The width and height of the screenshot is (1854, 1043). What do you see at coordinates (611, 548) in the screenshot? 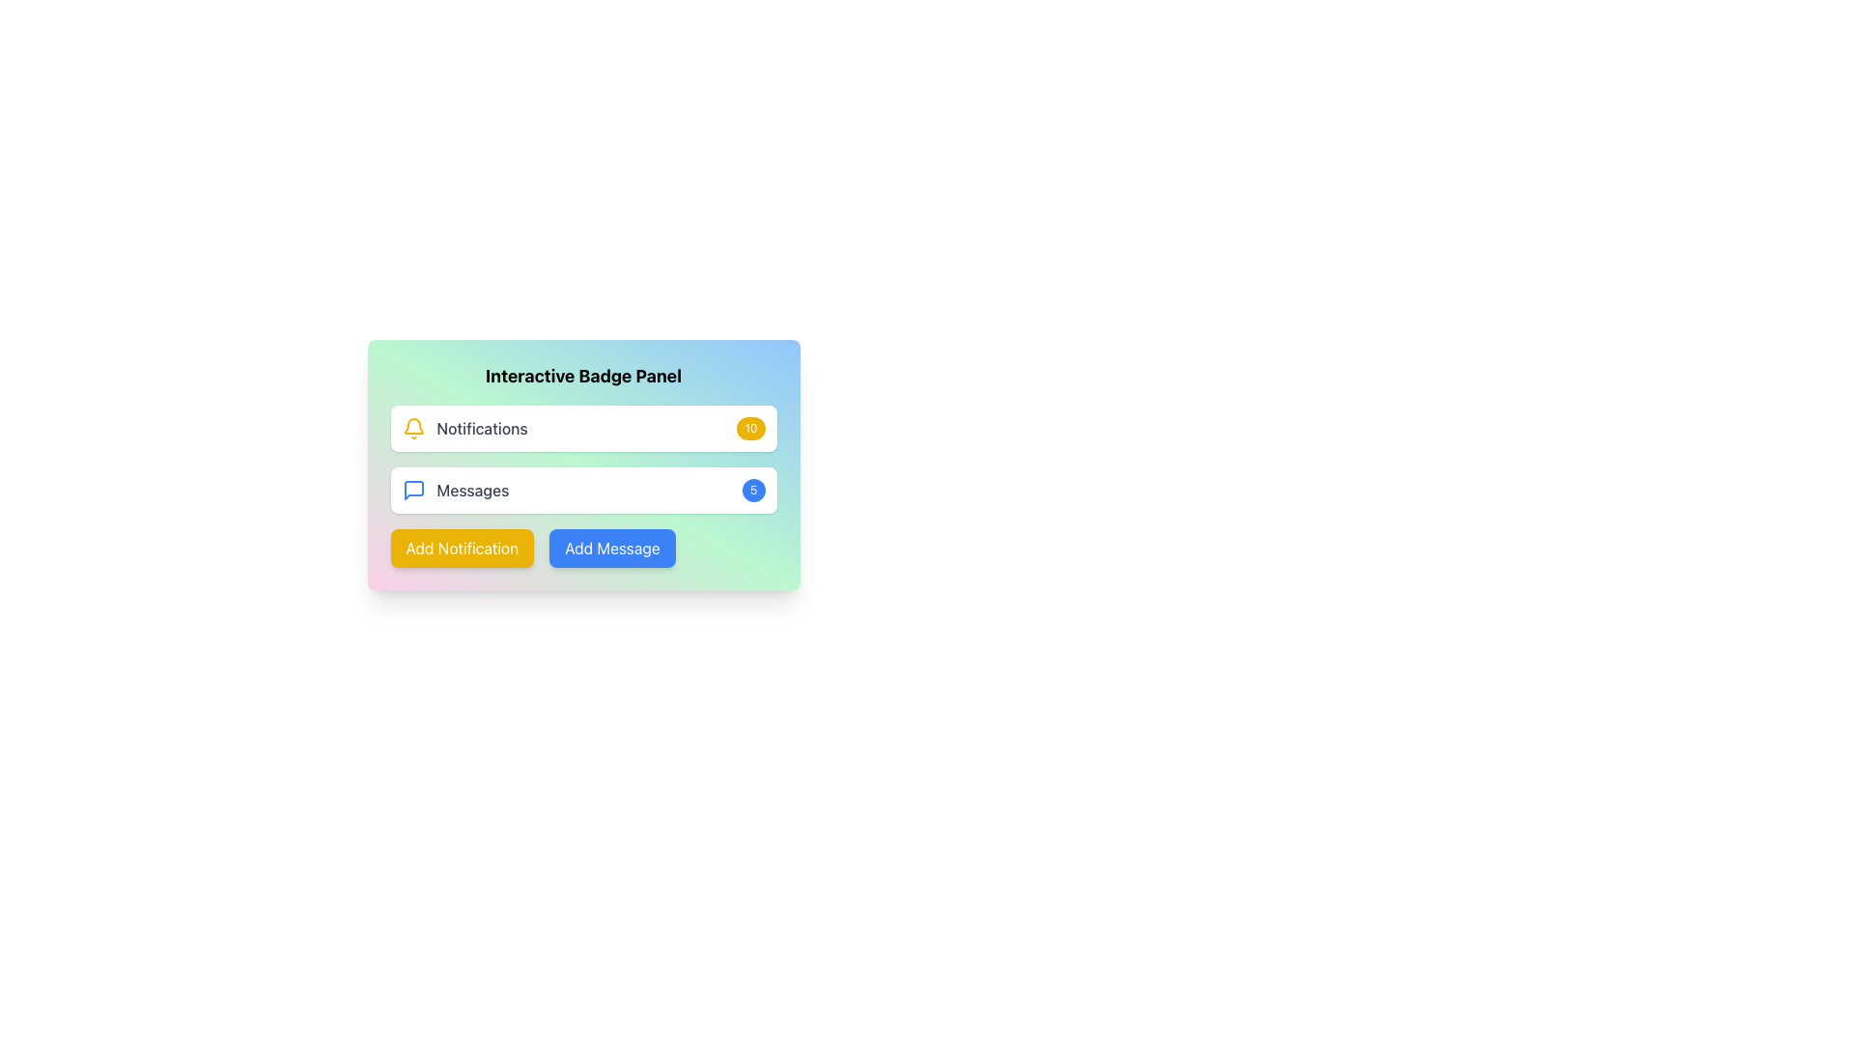
I see `the rectangular button with a blue background and white text labeled 'Add Message'` at bounding box center [611, 548].